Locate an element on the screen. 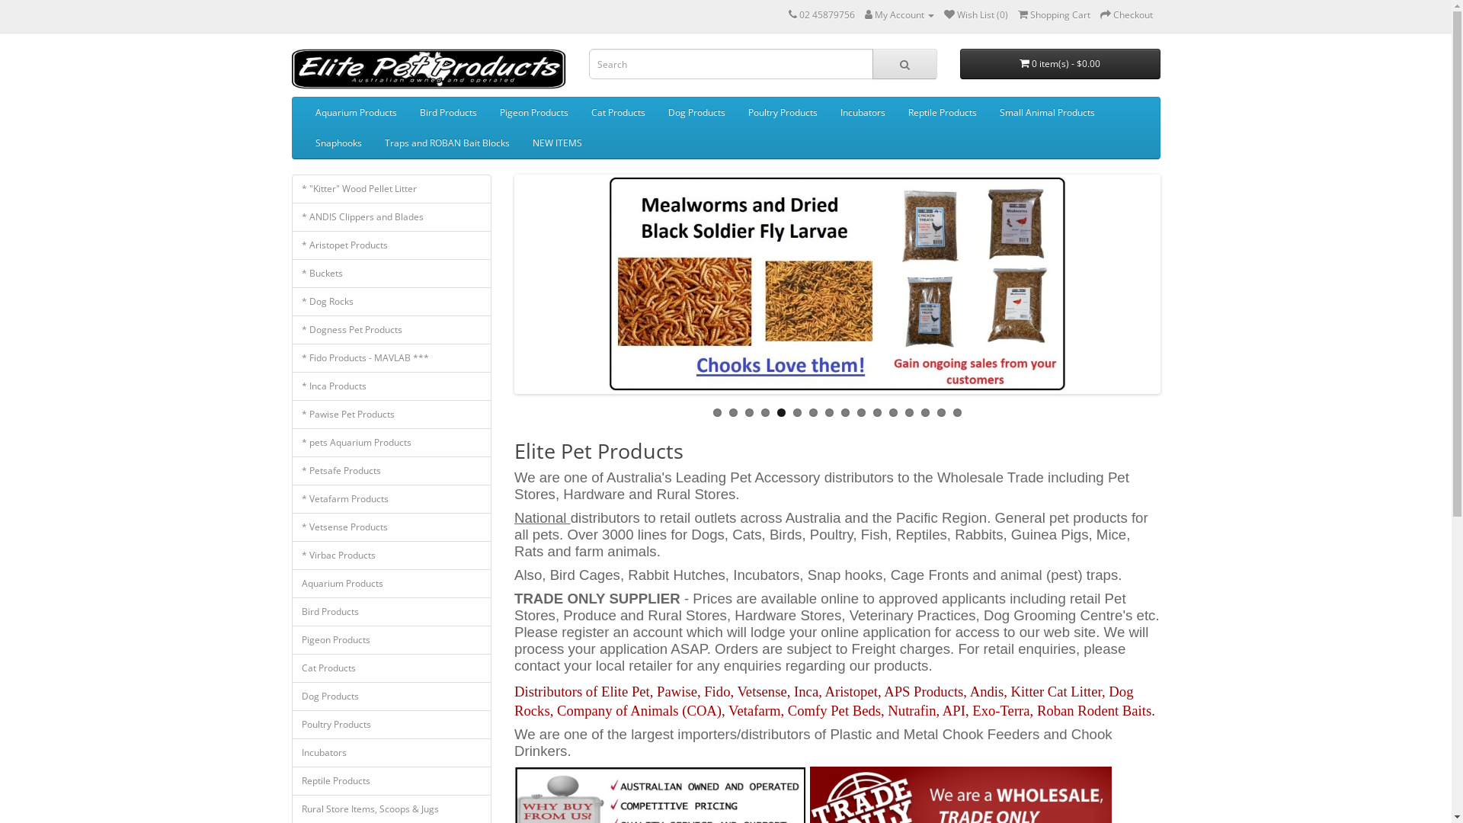 This screenshot has width=1463, height=823. 'Poultry Products' is located at coordinates (391, 724).